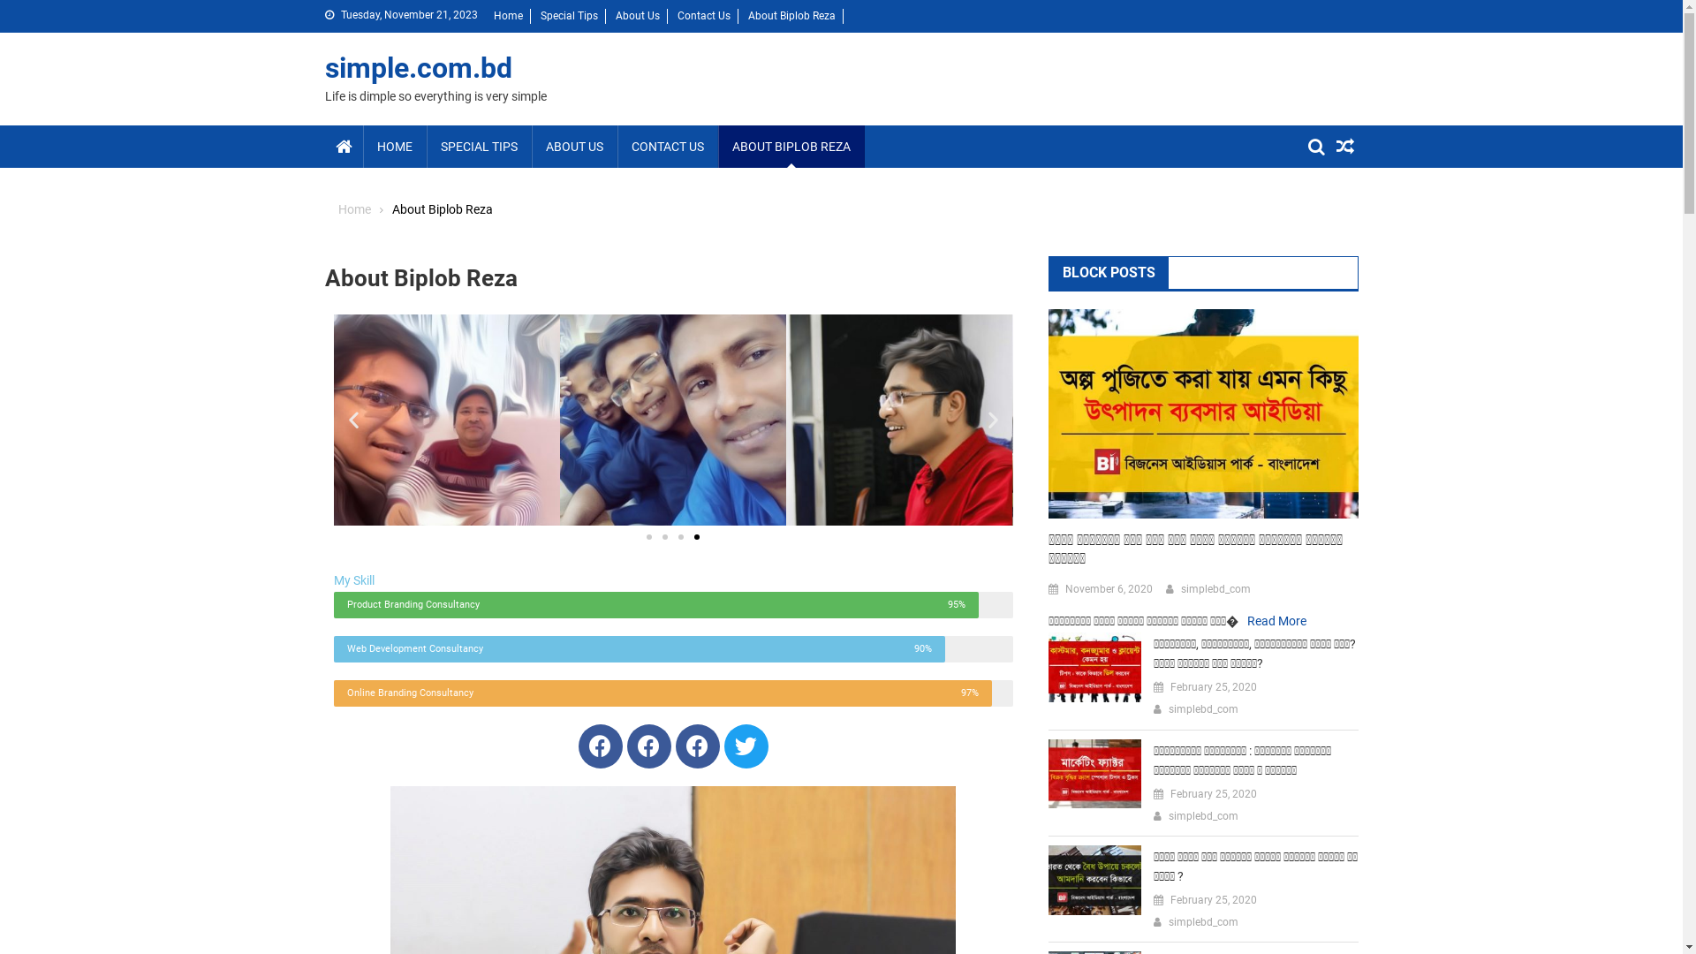 The width and height of the screenshot is (1696, 954). Describe the element at coordinates (636, 16) in the screenshot. I see `'About Us'` at that location.